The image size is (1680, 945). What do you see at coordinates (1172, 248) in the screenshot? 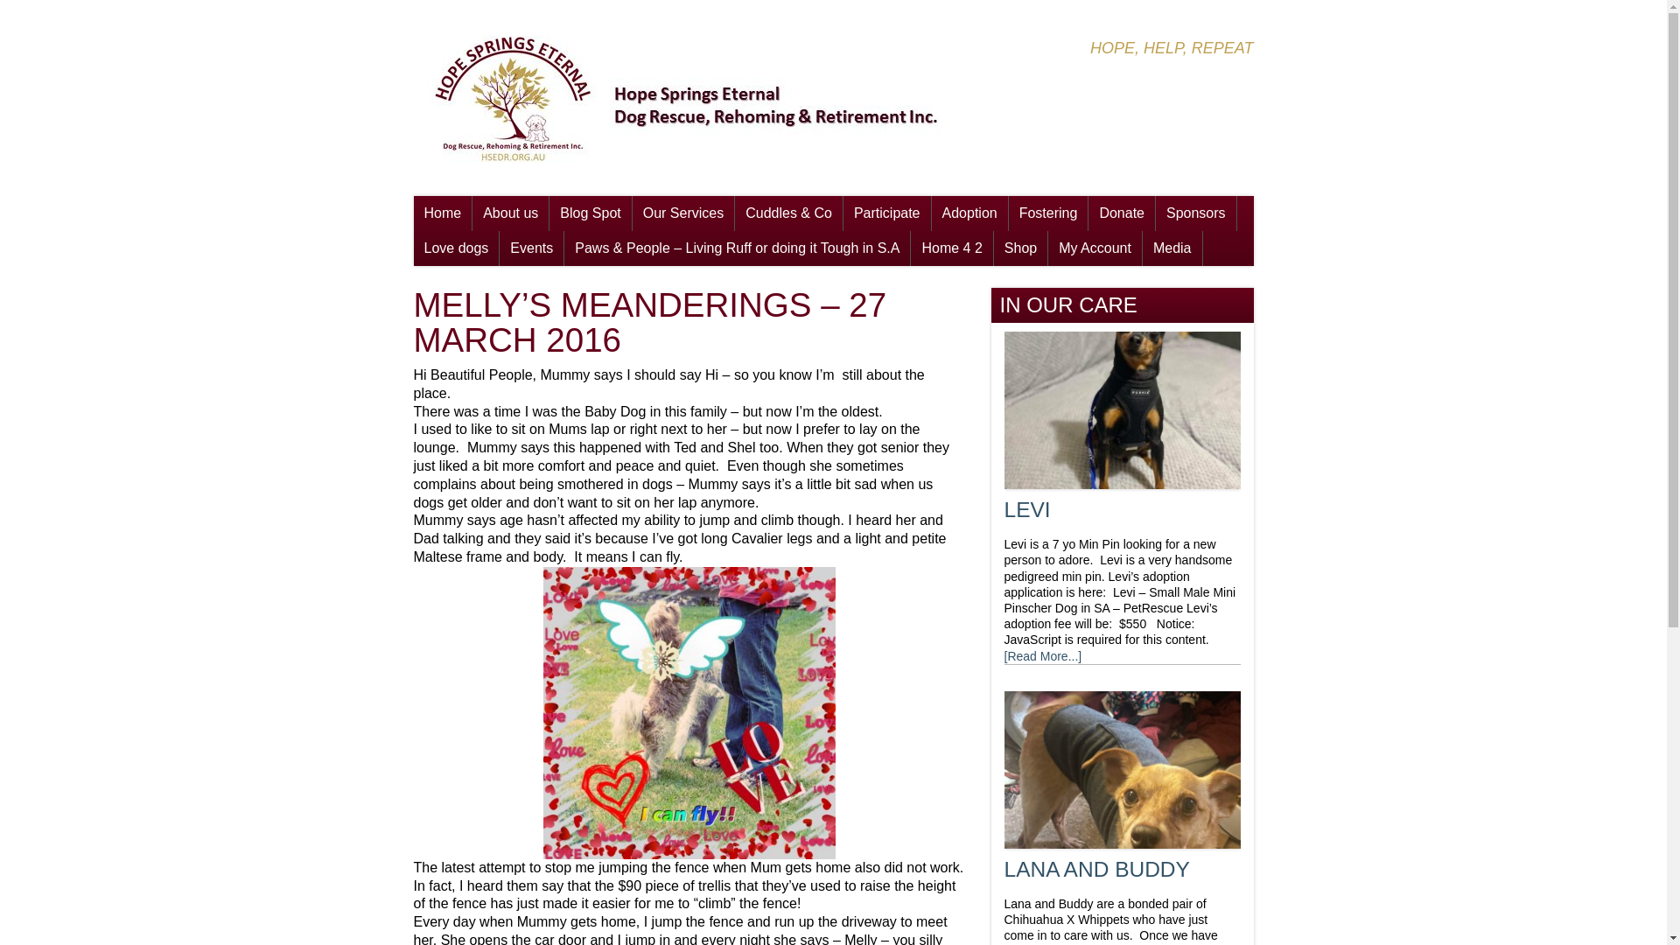
I see `'Media'` at bounding box center [1172, 248].